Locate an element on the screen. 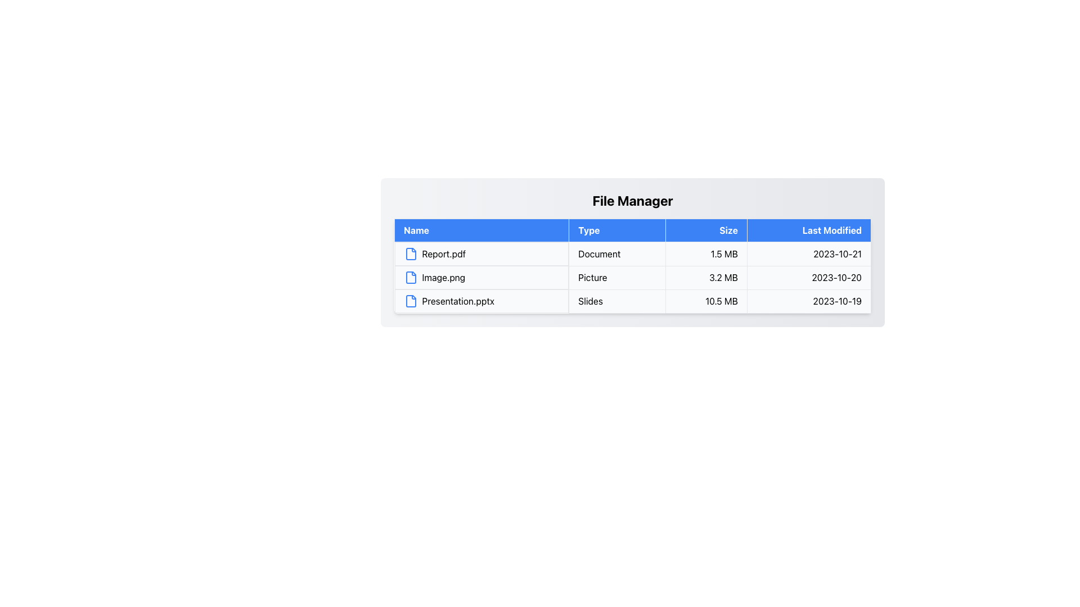 This screenshot has width=1080, height=607. the first row of the table representing a file entry in the file manager interface is located at coordinates (632, 253).